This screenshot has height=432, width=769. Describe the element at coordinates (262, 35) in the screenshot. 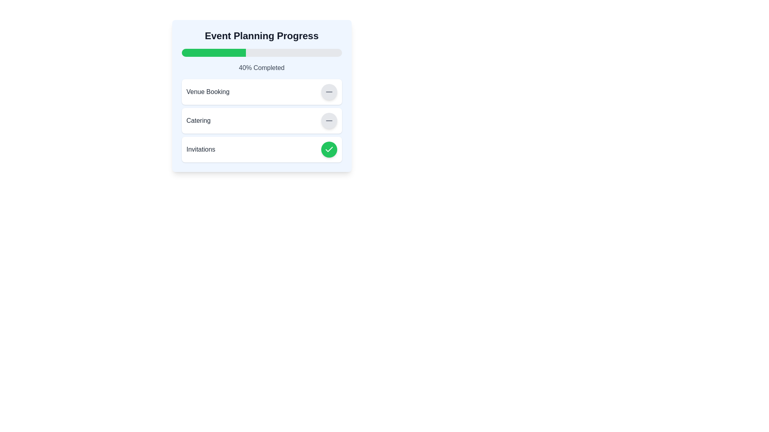

I see `the text label that reads 'Event Planning Progress', which is prominently styled in bold font and large size, centered in a light blue background, located above a progress bar` at that location.